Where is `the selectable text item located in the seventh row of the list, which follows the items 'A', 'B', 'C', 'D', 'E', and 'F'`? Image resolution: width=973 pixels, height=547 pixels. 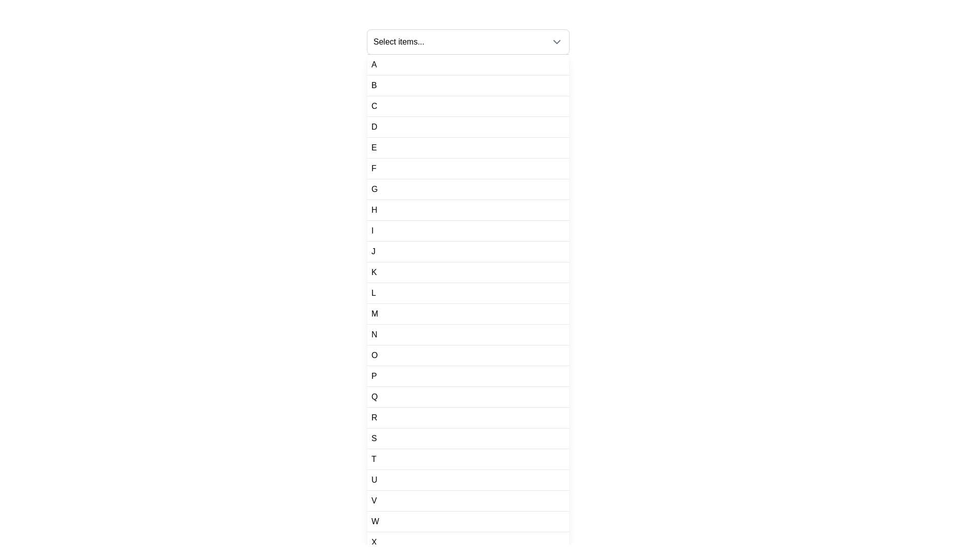
the selectable text item located in the seventh row of the list, which follows the items 'A', 'B', 'C', 'D', 'E', and 'F' is located at coordinates (374, 189).